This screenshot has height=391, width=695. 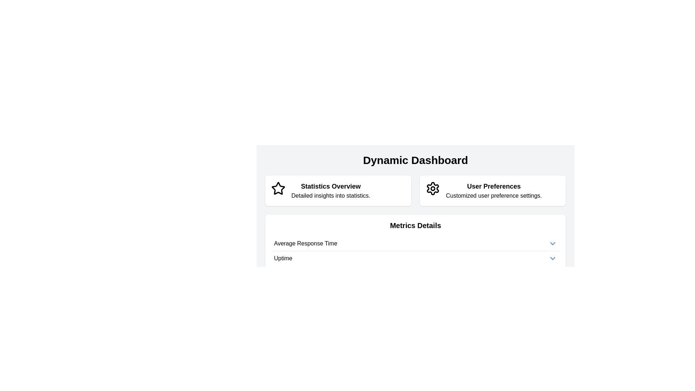 What do you see at coordinates (433, 190) in the screenshot?
I see `the gear icon representing the settings option, located to the left of the 'User Preferences' text within its card` at bounding box center [433, 190].